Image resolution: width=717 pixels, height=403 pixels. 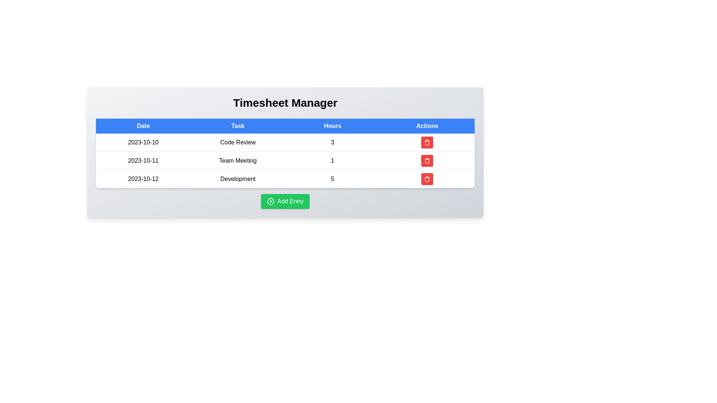 I want to click on text displayed in the Text label located in the first column of the last row of the Timesheet Manager section, which shows the date of the activity entry, so click(x=143, y=179).